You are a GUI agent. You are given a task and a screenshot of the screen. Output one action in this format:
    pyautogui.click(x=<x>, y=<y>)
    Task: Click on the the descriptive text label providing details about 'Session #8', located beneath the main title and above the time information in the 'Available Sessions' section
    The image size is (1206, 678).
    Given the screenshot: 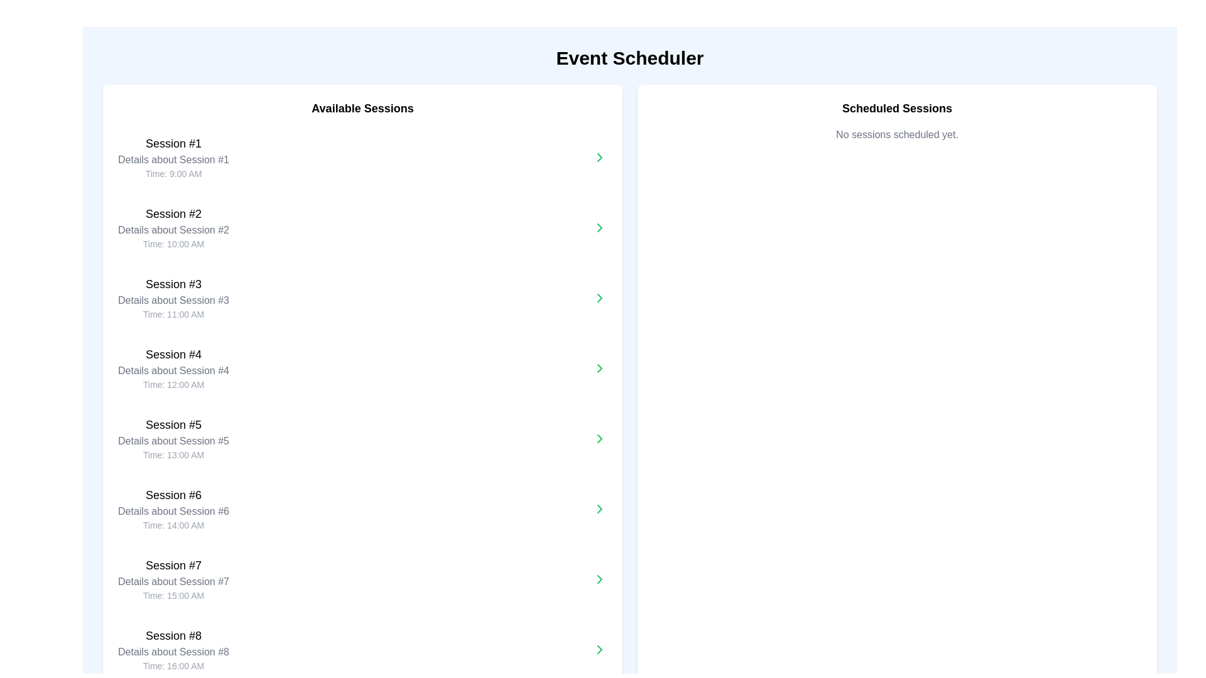 What is the action you would take?
    pyautogui.click(x=173, y=651)
    